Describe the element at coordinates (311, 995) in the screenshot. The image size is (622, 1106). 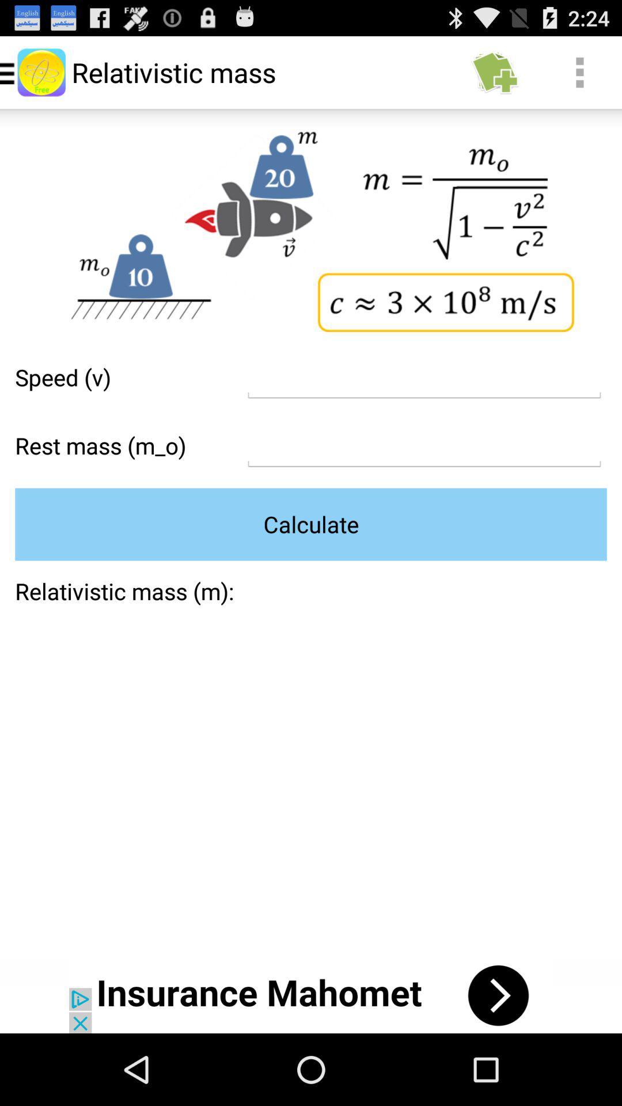
I see `insurance add` at that location.